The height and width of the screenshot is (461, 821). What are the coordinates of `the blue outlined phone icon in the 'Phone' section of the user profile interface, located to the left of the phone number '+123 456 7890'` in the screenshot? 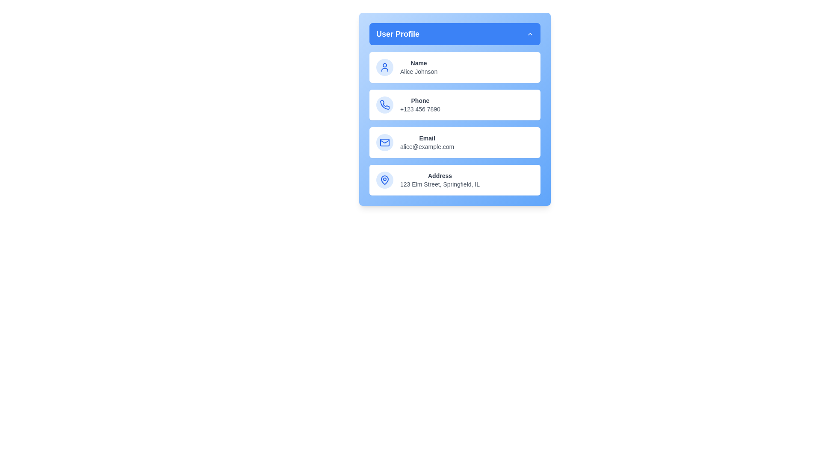 It's located at (384, 104).